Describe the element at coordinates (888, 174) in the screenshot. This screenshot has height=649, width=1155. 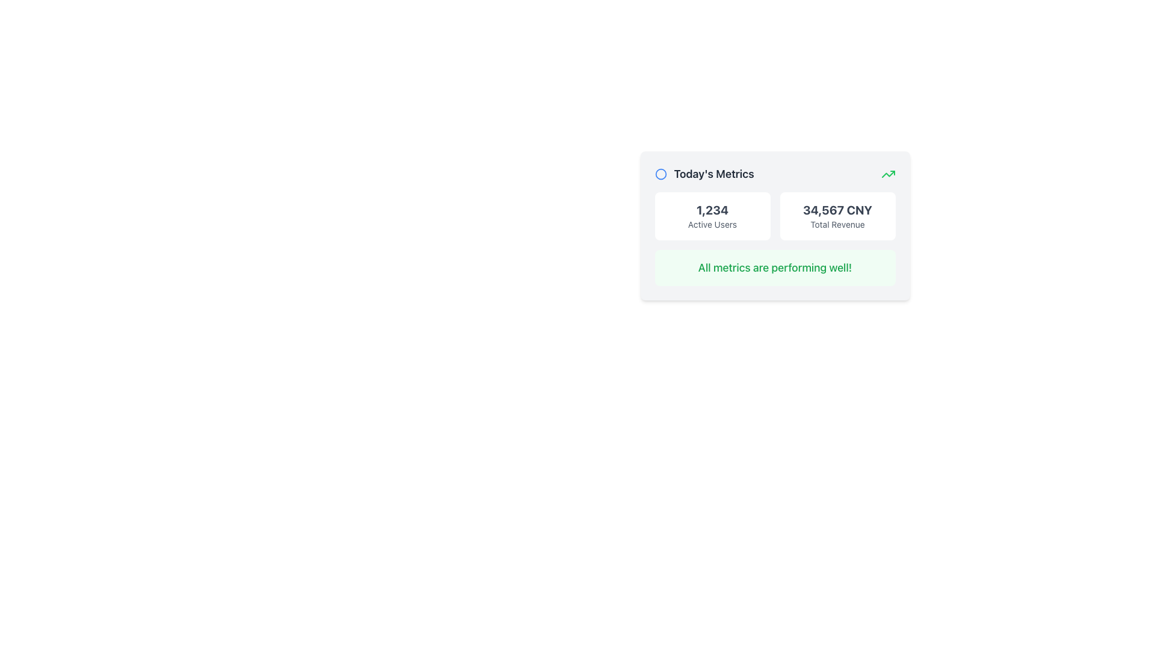
I see `the icon located in the top-right corner of the 'Today's Metrics' section, which serves as a visual indicator of positive trends or metrics` at that location.